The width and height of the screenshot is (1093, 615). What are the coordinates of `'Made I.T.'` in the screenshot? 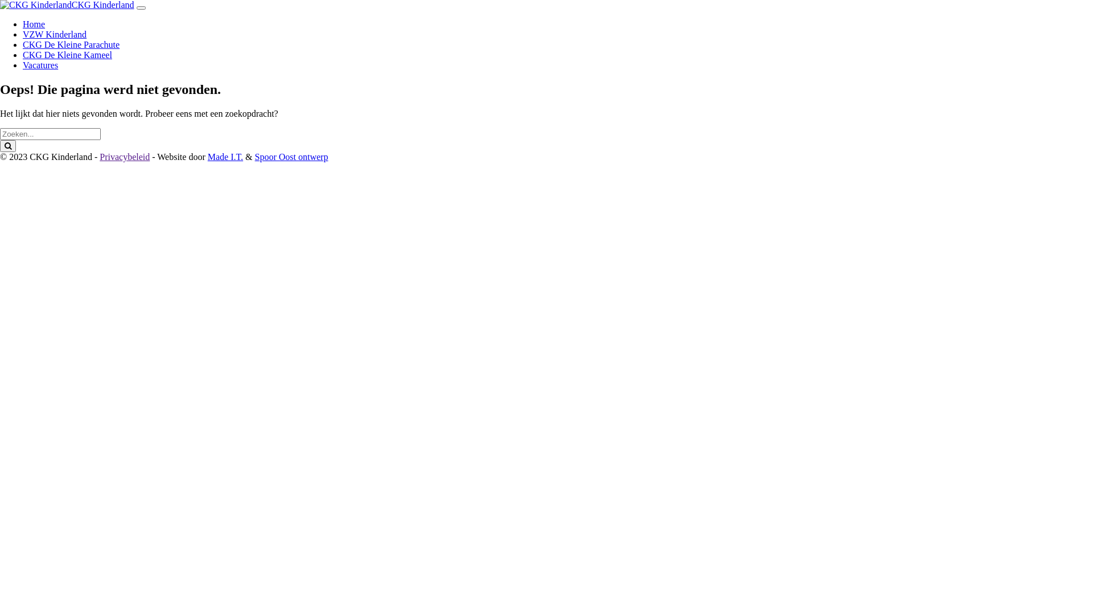 It's located at (225, 157).